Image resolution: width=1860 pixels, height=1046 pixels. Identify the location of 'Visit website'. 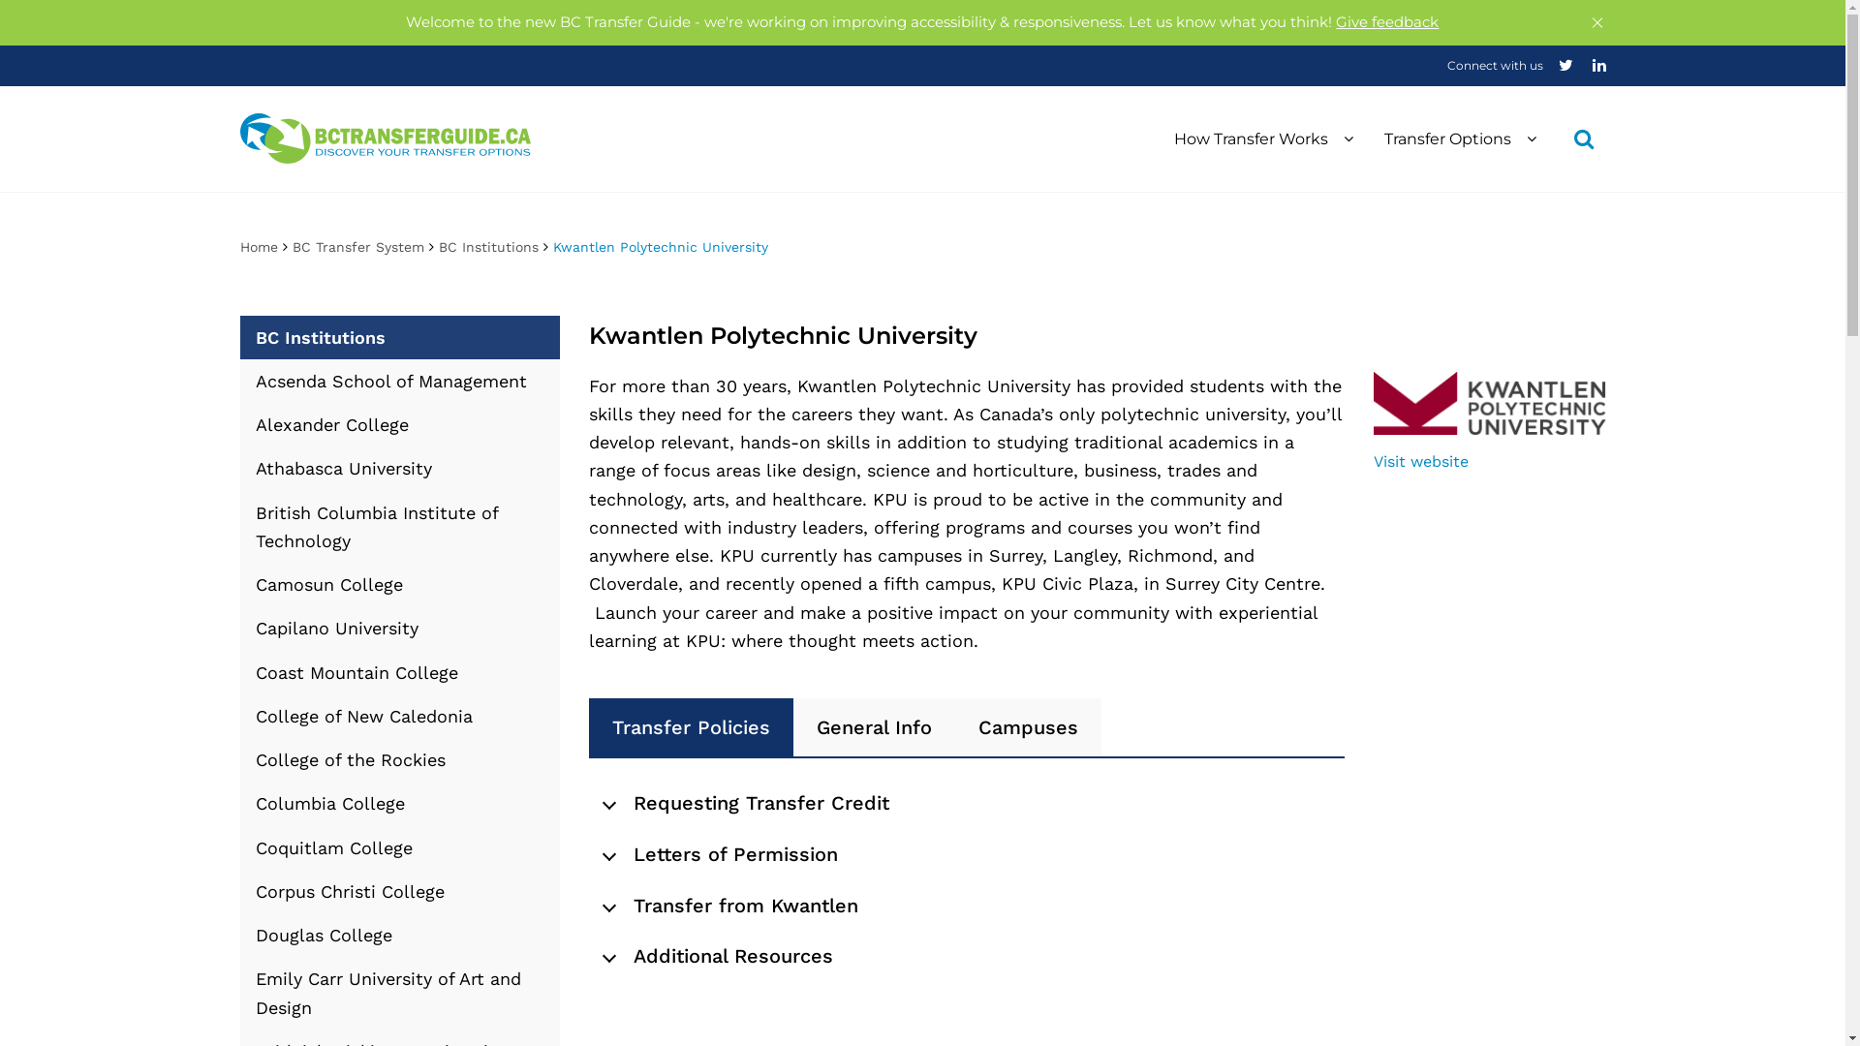
(1372, 461).